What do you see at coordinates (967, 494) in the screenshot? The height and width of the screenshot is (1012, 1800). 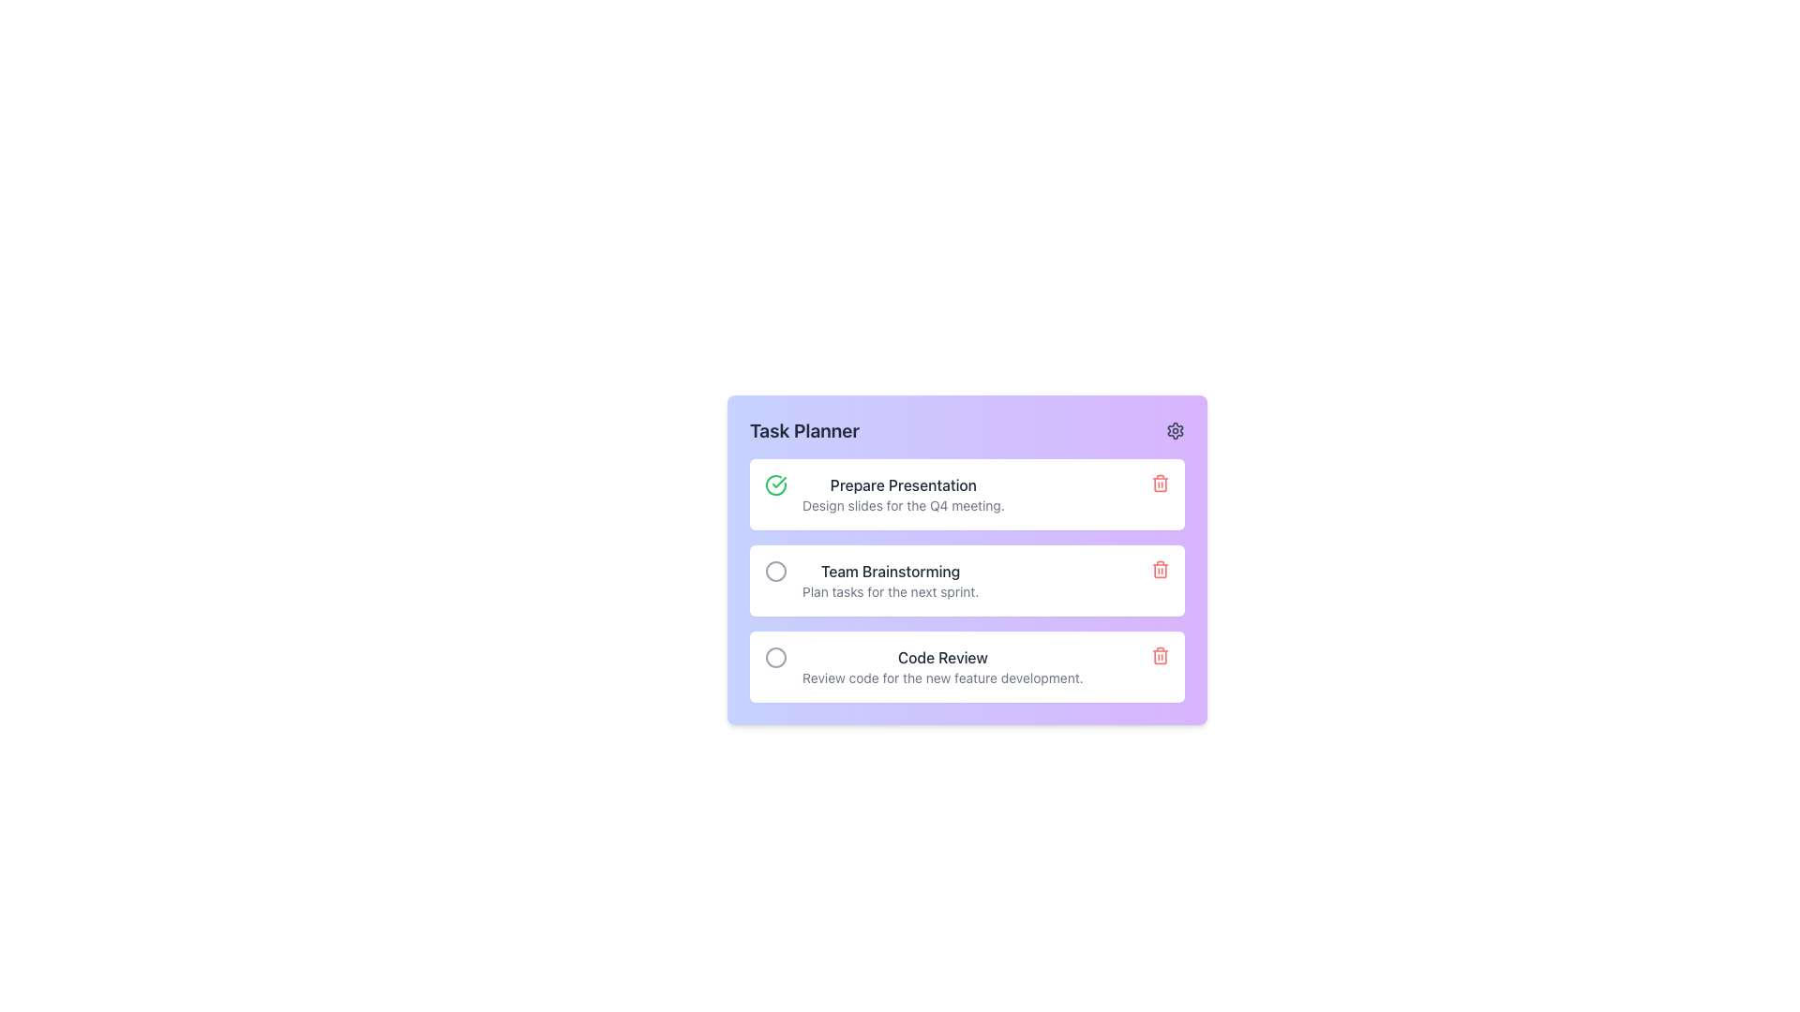 I see `the 'Prepare Presentation' task item block` at bounding box center [967, 494].